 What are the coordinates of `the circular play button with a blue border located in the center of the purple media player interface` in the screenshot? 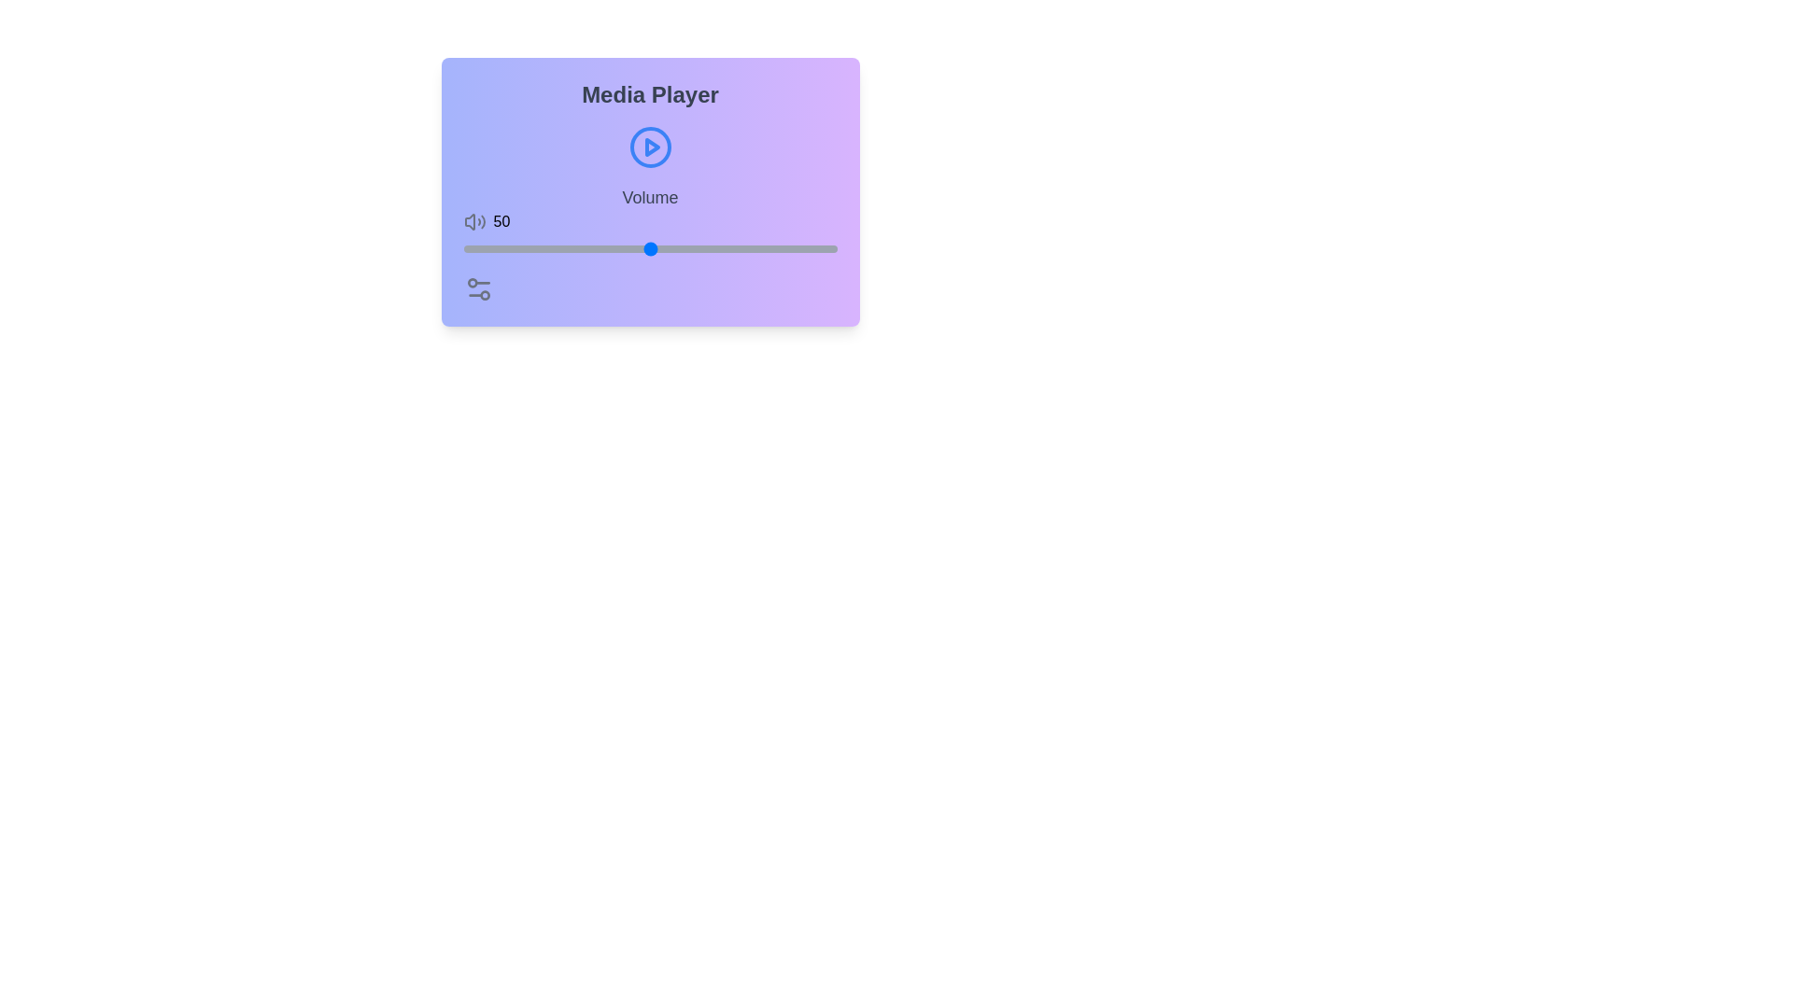 It's located at (650, 147).